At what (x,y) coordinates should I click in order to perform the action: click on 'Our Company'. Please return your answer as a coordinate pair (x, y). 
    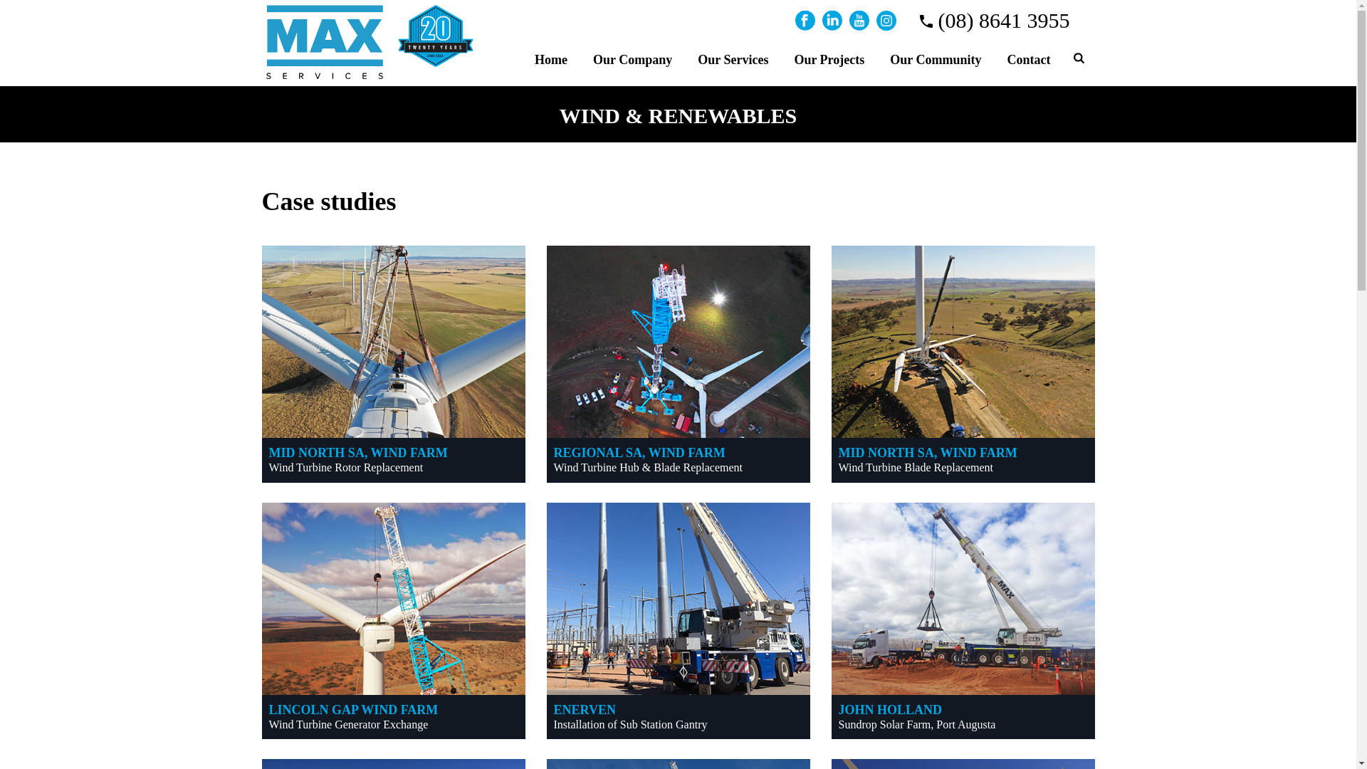
    Looking at the image, I should click on (632, 57).